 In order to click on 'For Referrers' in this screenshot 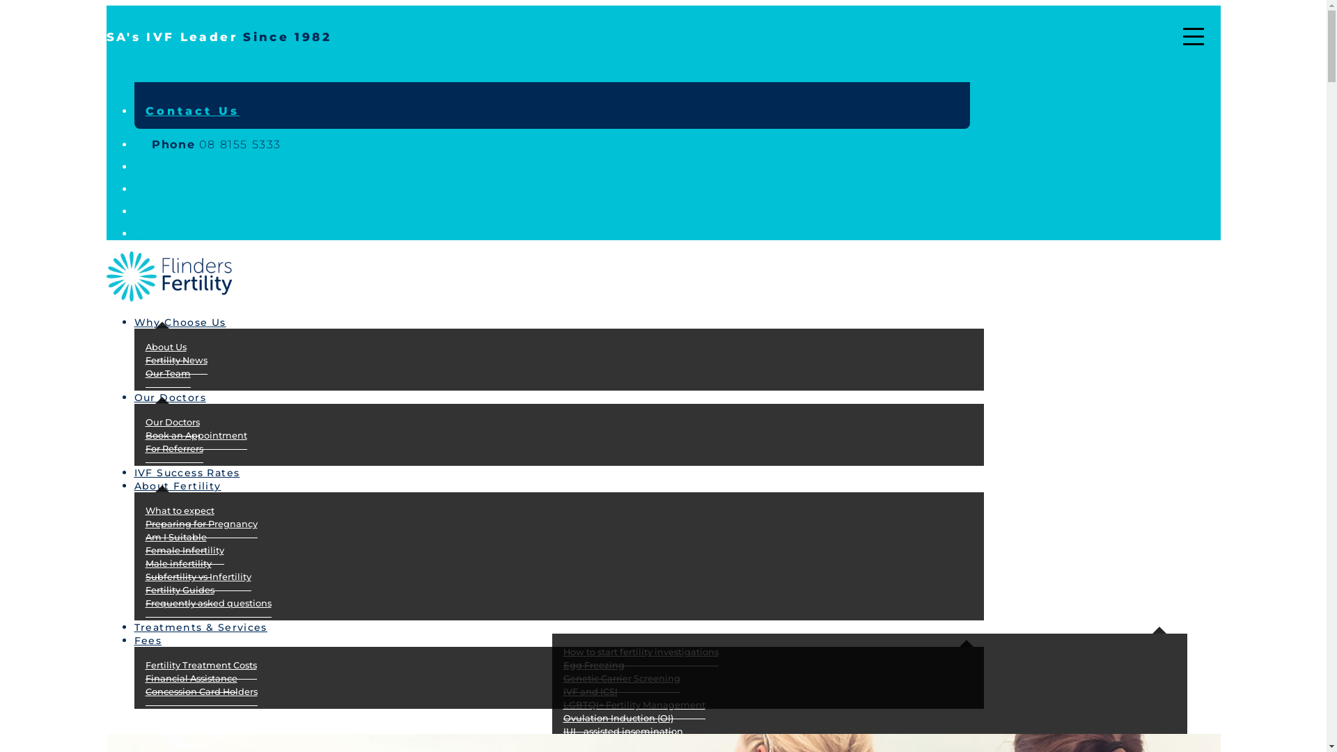, I will do `click(144, 448)`.